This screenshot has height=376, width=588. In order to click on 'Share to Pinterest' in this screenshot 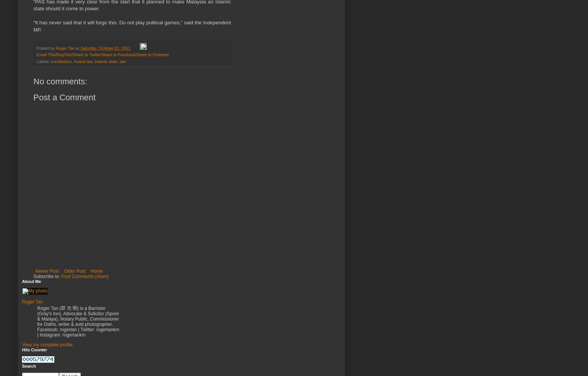, I will do `click(152, 54)`.